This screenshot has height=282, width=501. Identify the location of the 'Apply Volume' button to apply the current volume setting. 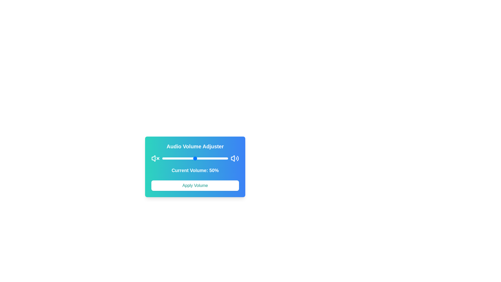
(195, 185).